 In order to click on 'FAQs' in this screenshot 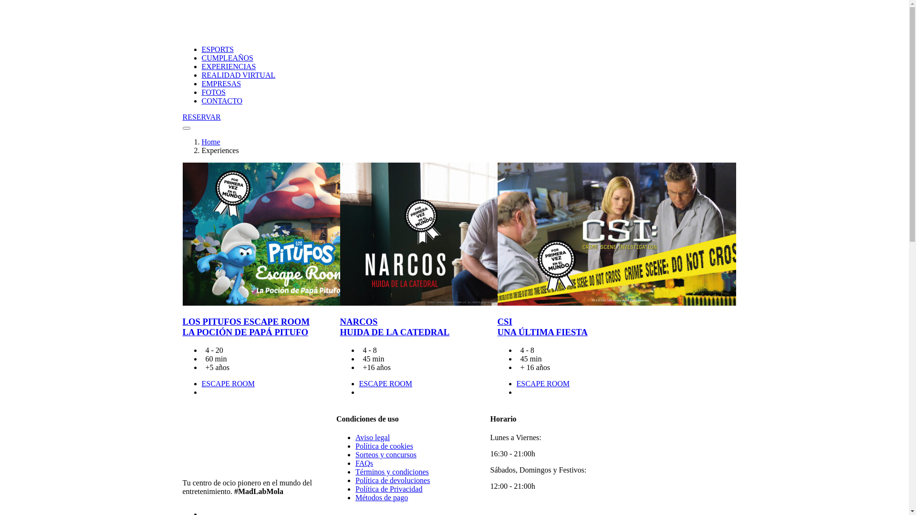, I will do `click(364, 463)`.